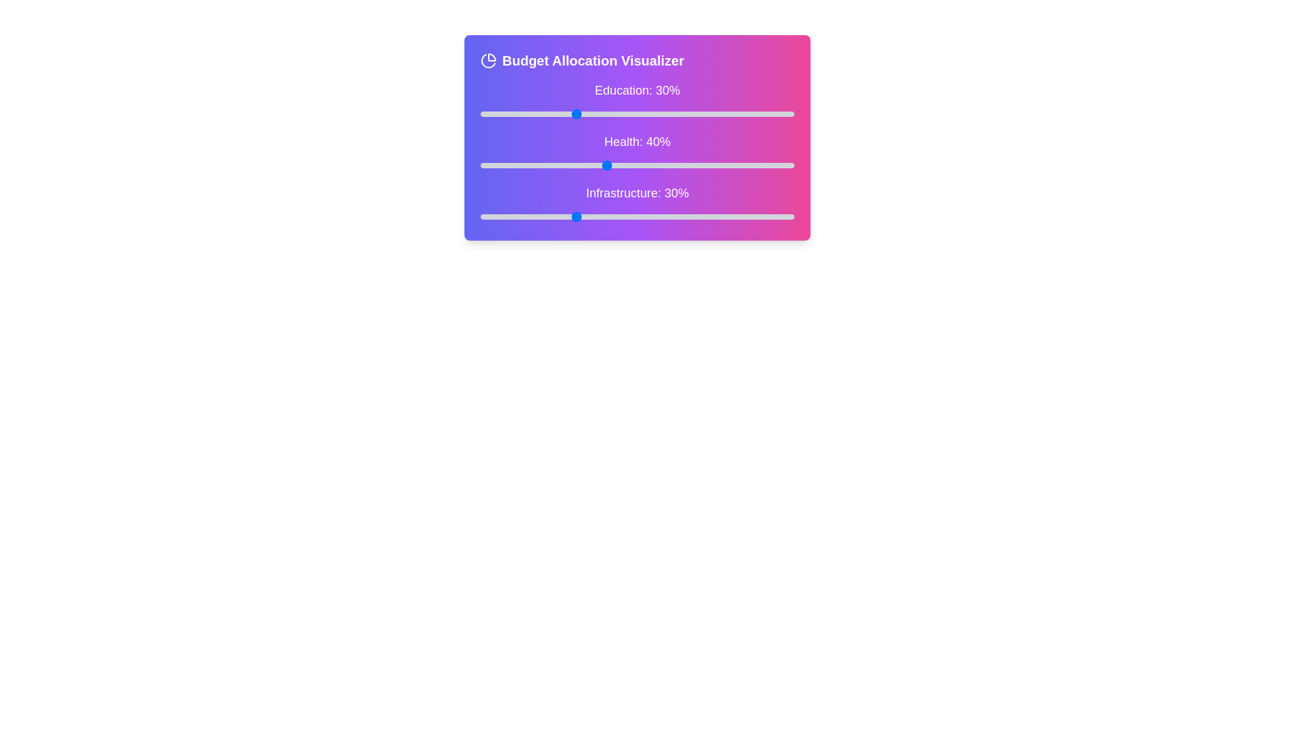 This screenshot has height=730, width=1298. What do you see at coordinates (491, 56) in the screenshot?
I see `the top right segment of the pie chart icon in the 'Budget Allocation Visualizer' header section` at bounding box center [491, 56].